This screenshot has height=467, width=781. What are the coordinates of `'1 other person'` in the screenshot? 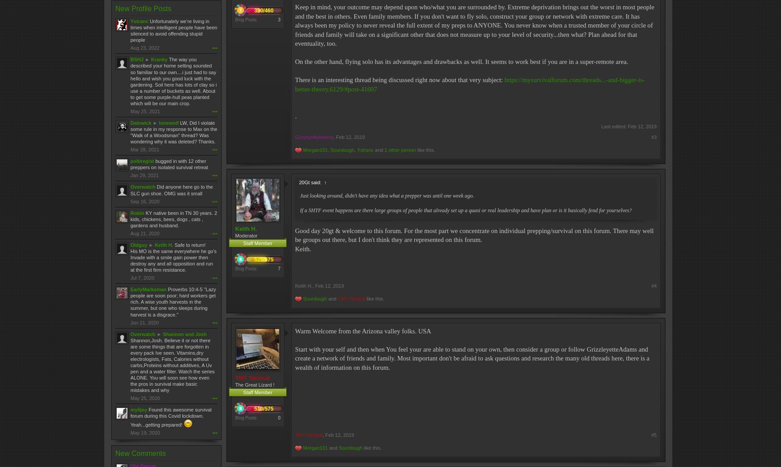 It's located at (383, 150).